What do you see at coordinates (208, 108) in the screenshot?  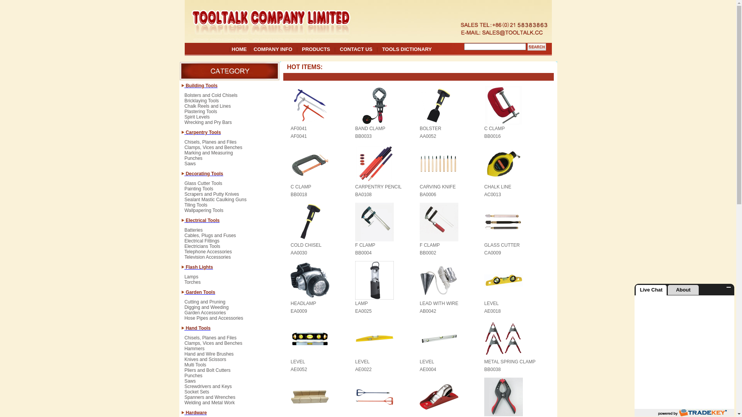 I see `'Chalk Reels and Lines'` at bounding box center [208, 108].